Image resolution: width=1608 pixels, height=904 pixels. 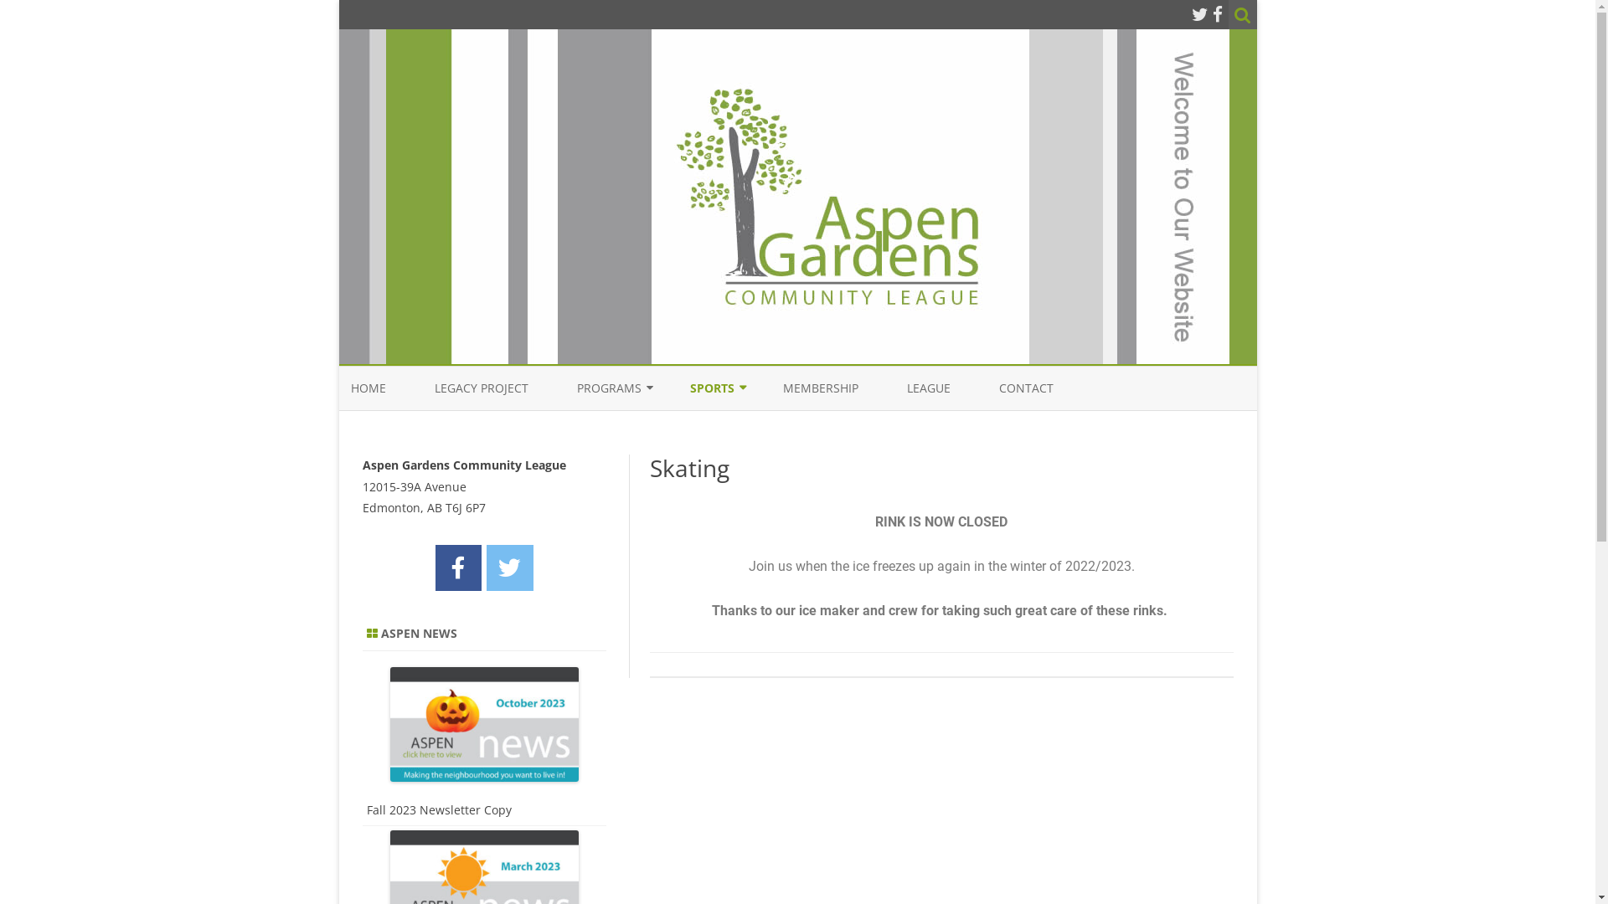 What do you see at coordinates (927, 388) in the screenshot?
I see `'LEAGUE'` at bounding box center [927, 388].